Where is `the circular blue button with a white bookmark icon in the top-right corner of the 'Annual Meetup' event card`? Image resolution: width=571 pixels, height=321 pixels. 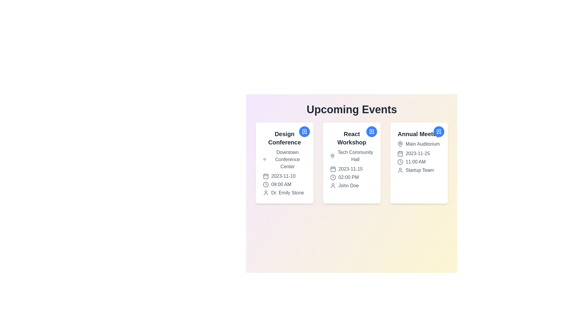 the circular blue button with a white bookmark icon in the top-right corner of the 'Annual Meetup' event card is located at coordinates (439, 131).